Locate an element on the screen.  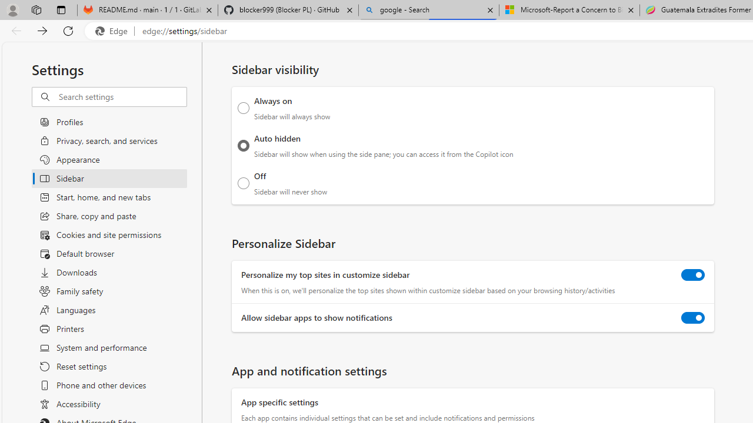
'Always on Sidebar will always show' is located at coordinates (243, 108).